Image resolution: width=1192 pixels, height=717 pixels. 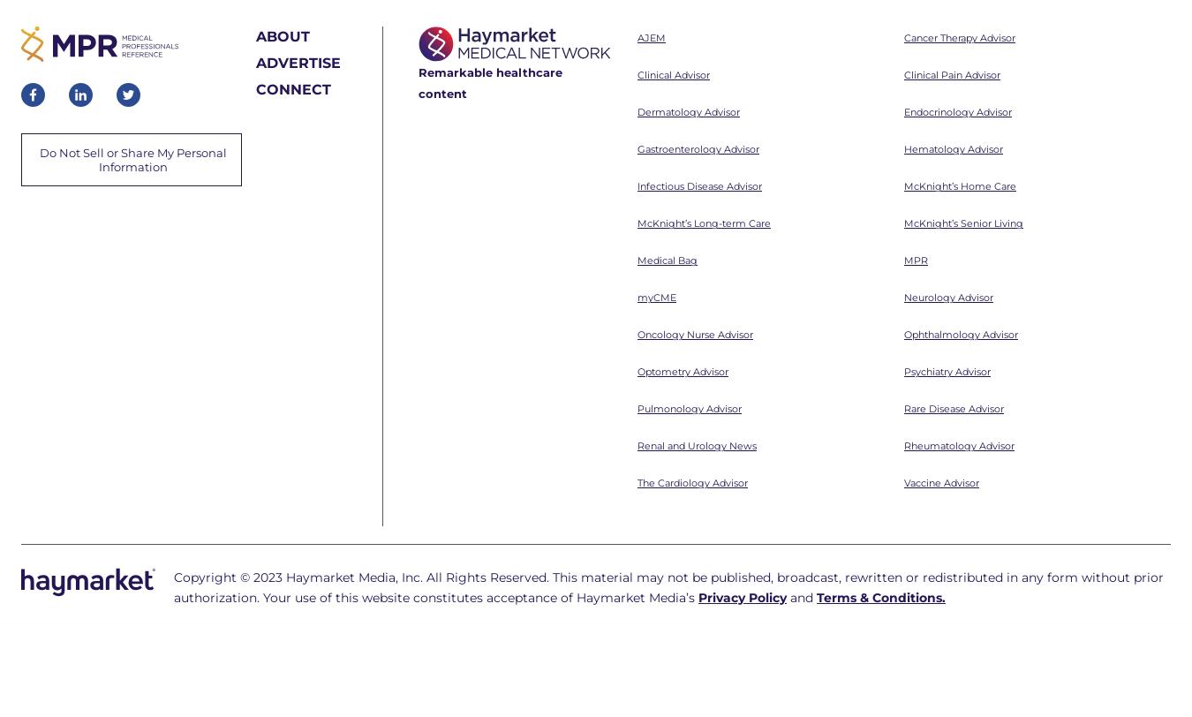 What do you see at coordinates (954, 168) in the screenshot?
I see `'Rare Disease Advisor'` at bounding box center [954, 168].